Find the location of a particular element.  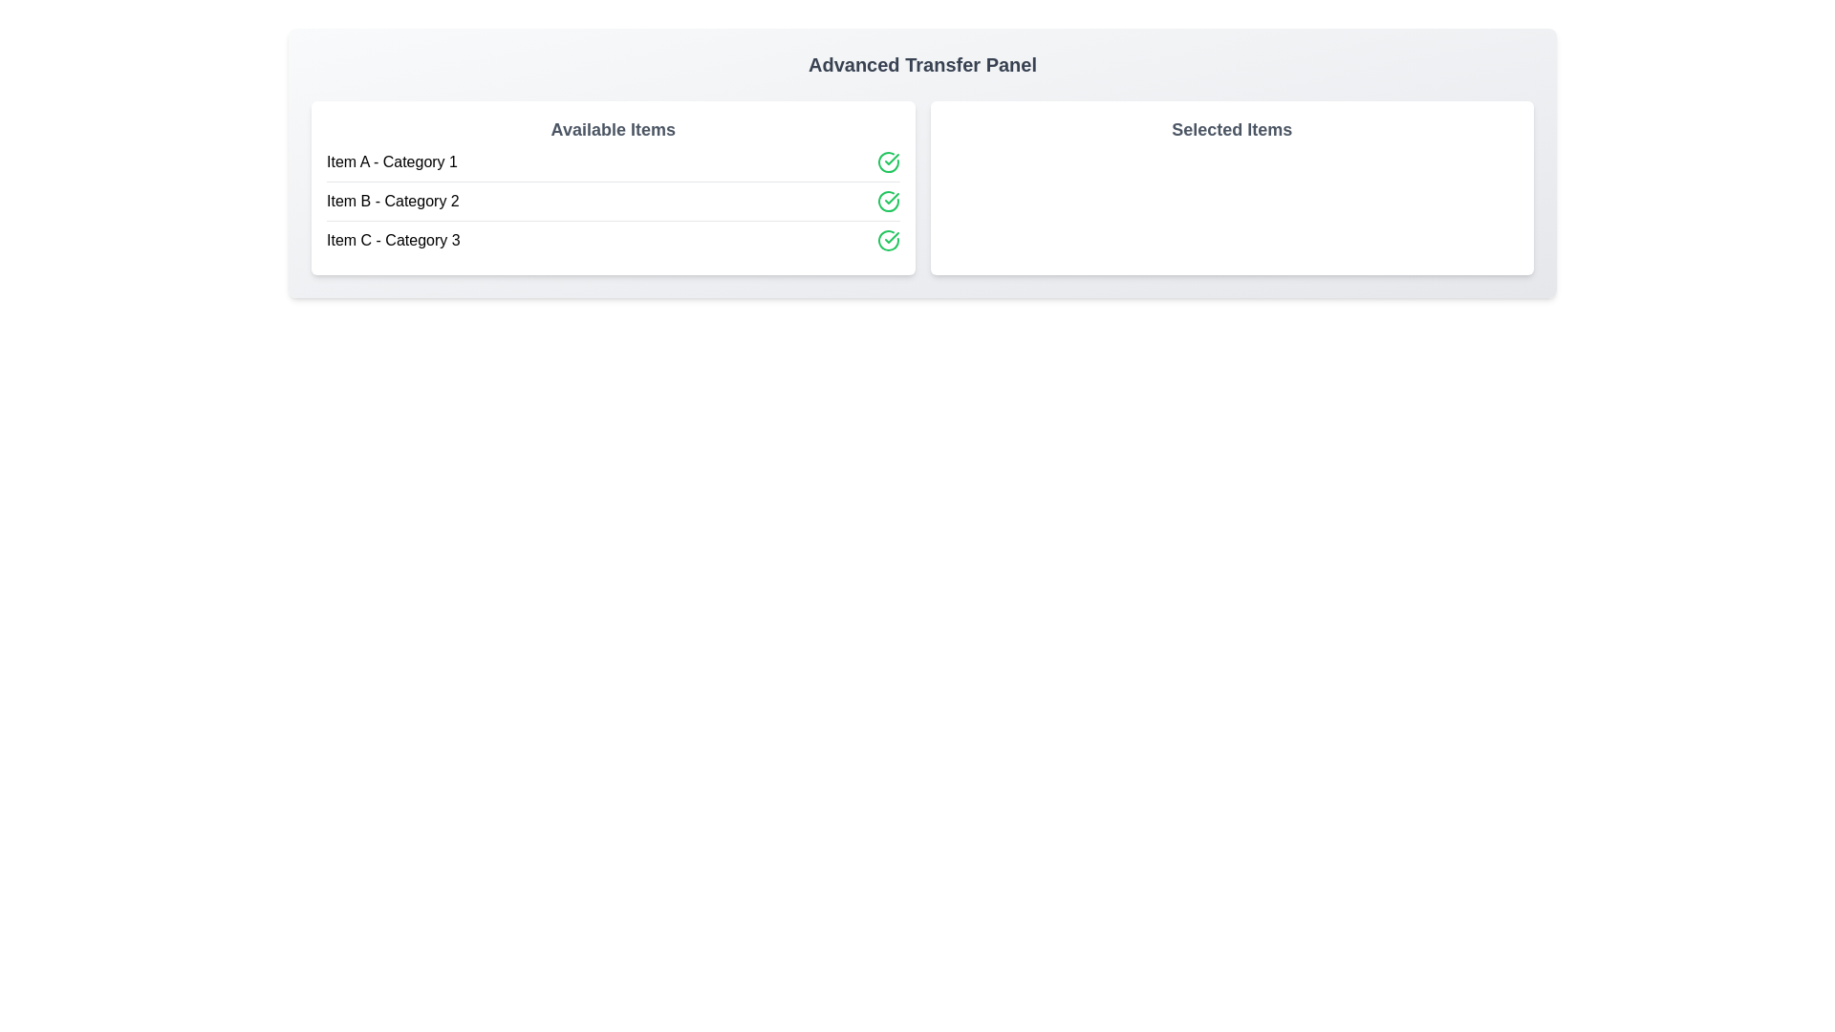

the small, green-colored checkmark icon adjacent to 'Item B - Category 2' in the 'Available Items' panel is located at coordinates (890, 199).